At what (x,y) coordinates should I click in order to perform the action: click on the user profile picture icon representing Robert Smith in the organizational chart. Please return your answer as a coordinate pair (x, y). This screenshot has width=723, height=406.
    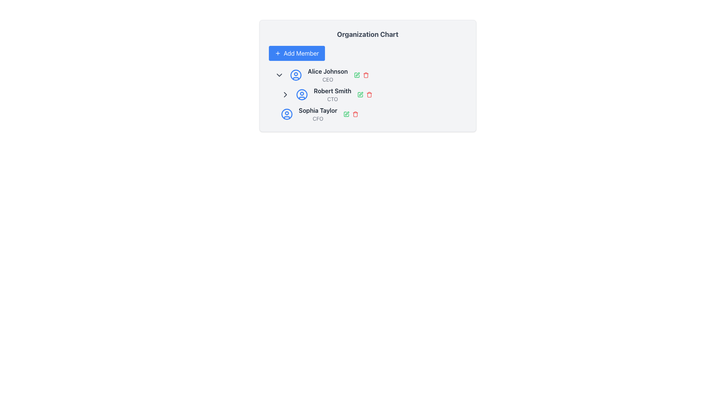
    Looking at the image, I should click on (302, 94).